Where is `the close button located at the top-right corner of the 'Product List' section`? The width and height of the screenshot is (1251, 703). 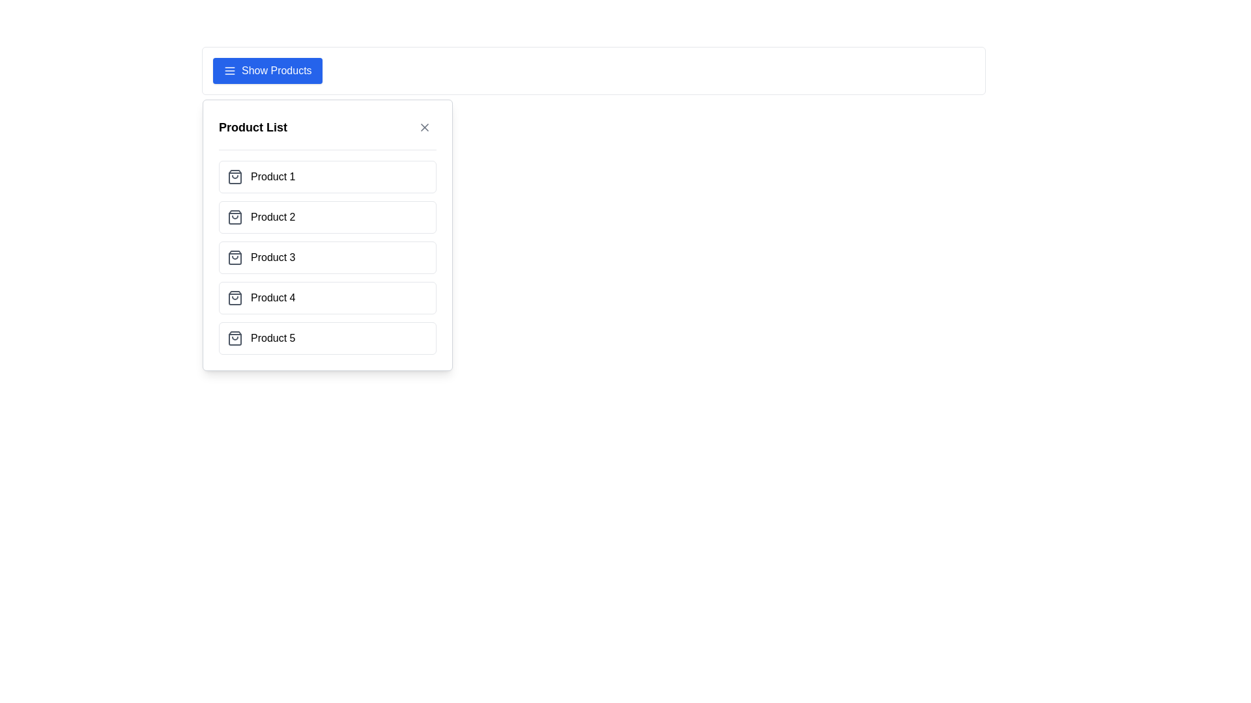 the close button located at the top-right corner of the 'Product List' section is located at coordinates (425, 128).